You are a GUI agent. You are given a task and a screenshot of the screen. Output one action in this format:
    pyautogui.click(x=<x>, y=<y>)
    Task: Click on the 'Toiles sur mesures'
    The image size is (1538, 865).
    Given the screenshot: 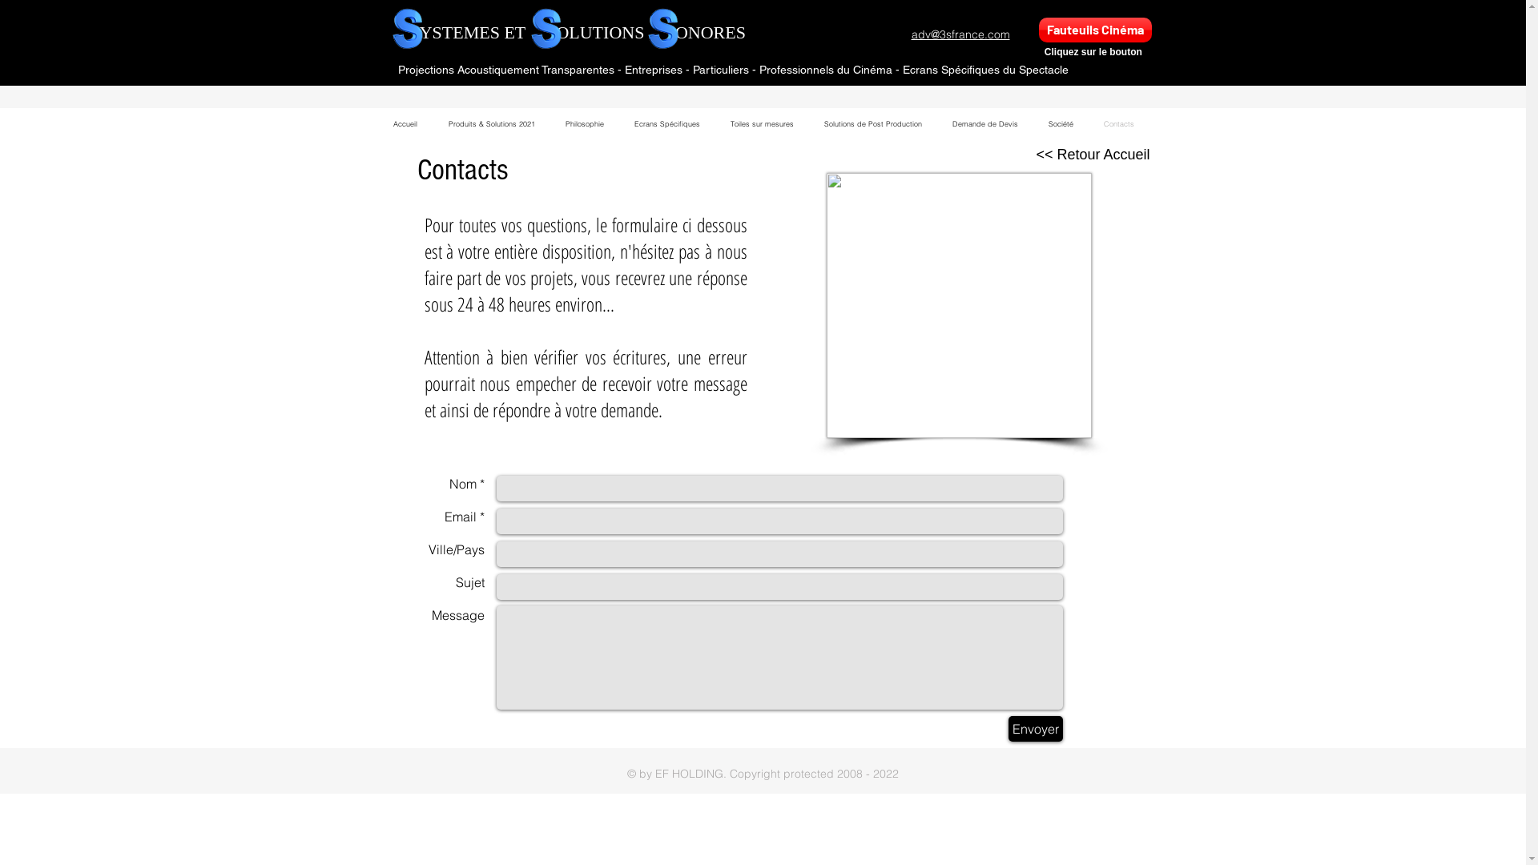 What is the action you would take?
    pyautogui.click(x=760, y=123)
    